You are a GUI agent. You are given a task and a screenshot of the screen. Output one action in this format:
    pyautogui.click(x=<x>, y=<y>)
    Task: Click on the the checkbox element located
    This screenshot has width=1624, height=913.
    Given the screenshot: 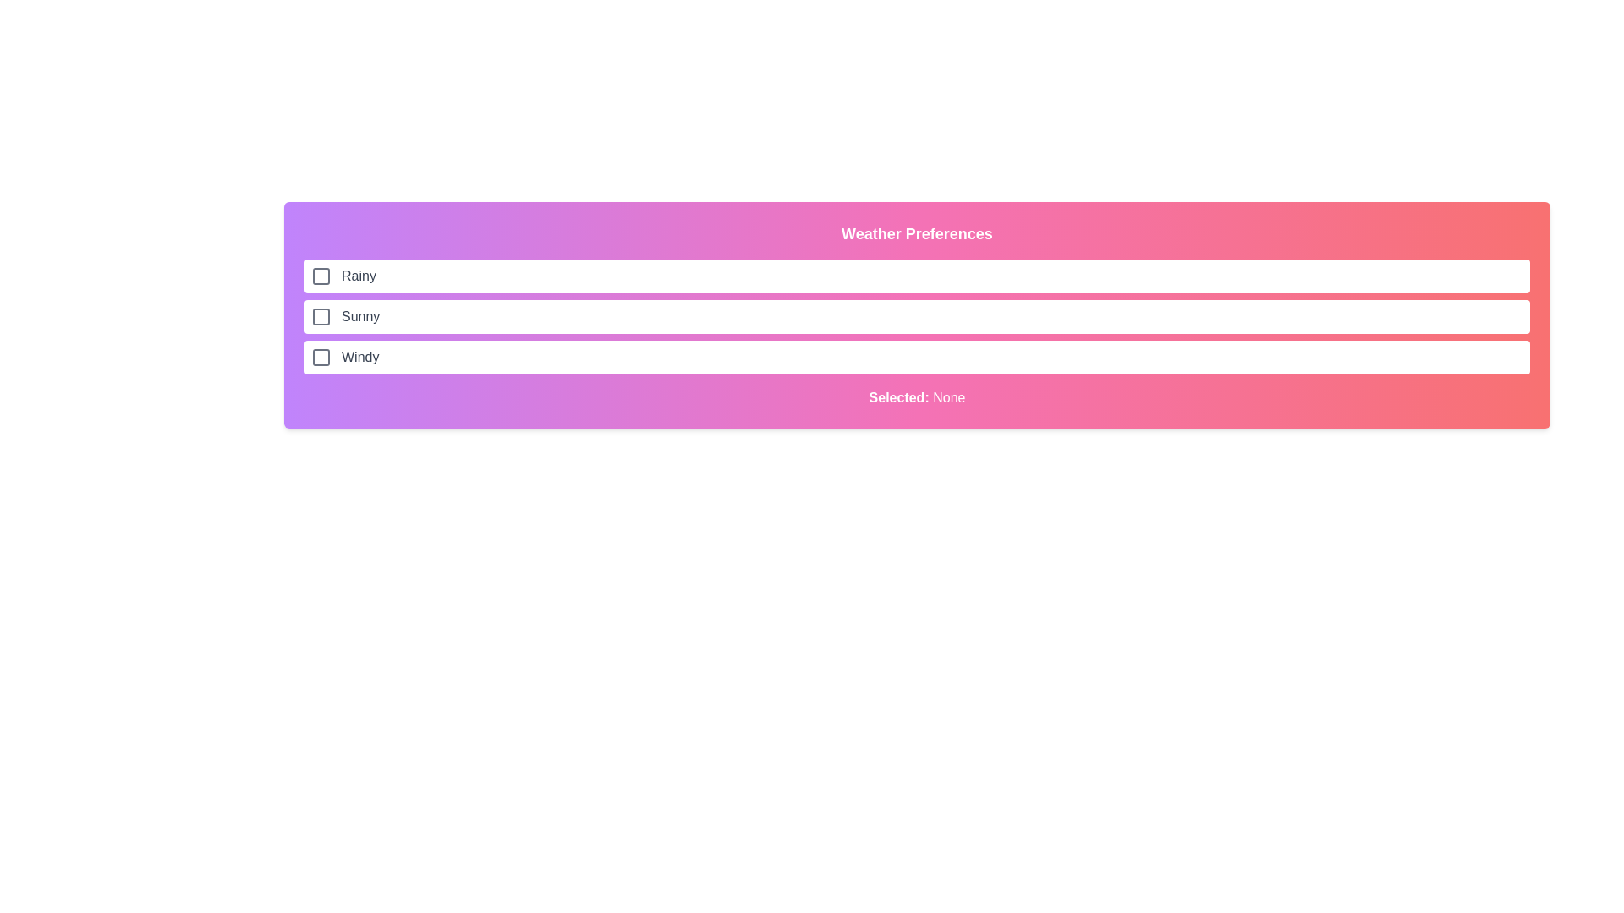 What is the action you would take?
    pyautogui.click(x=321, y=357)
    